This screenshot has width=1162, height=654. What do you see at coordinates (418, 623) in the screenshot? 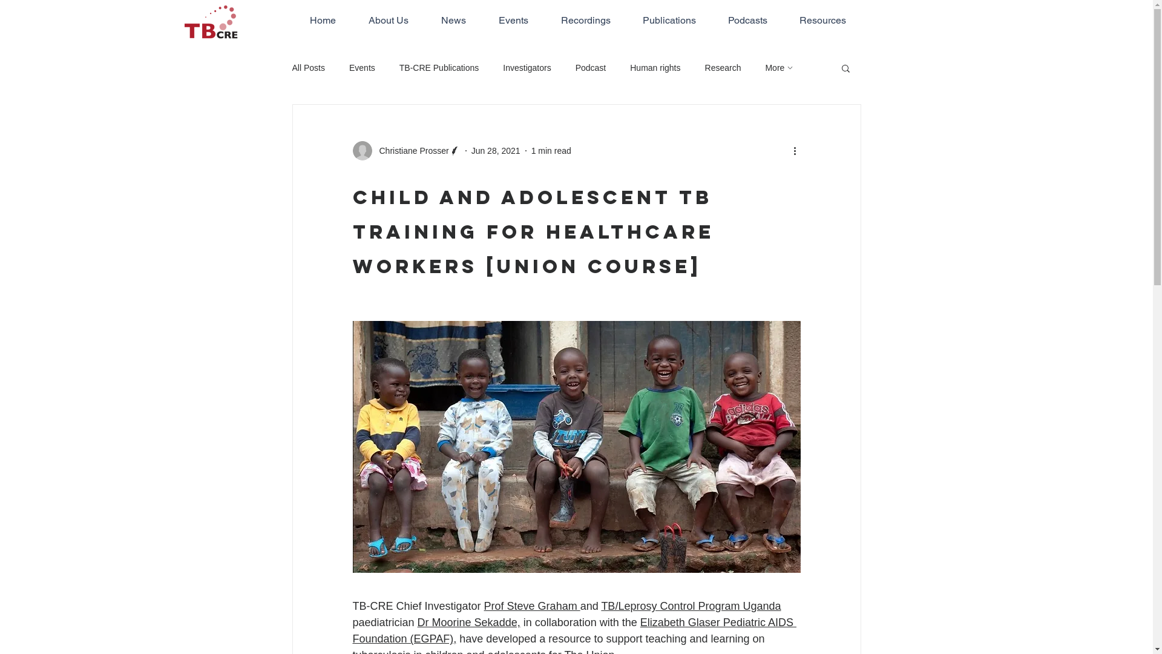
I see `'Dr Moorine Sekadde,'` at bounding box center [418, 623].